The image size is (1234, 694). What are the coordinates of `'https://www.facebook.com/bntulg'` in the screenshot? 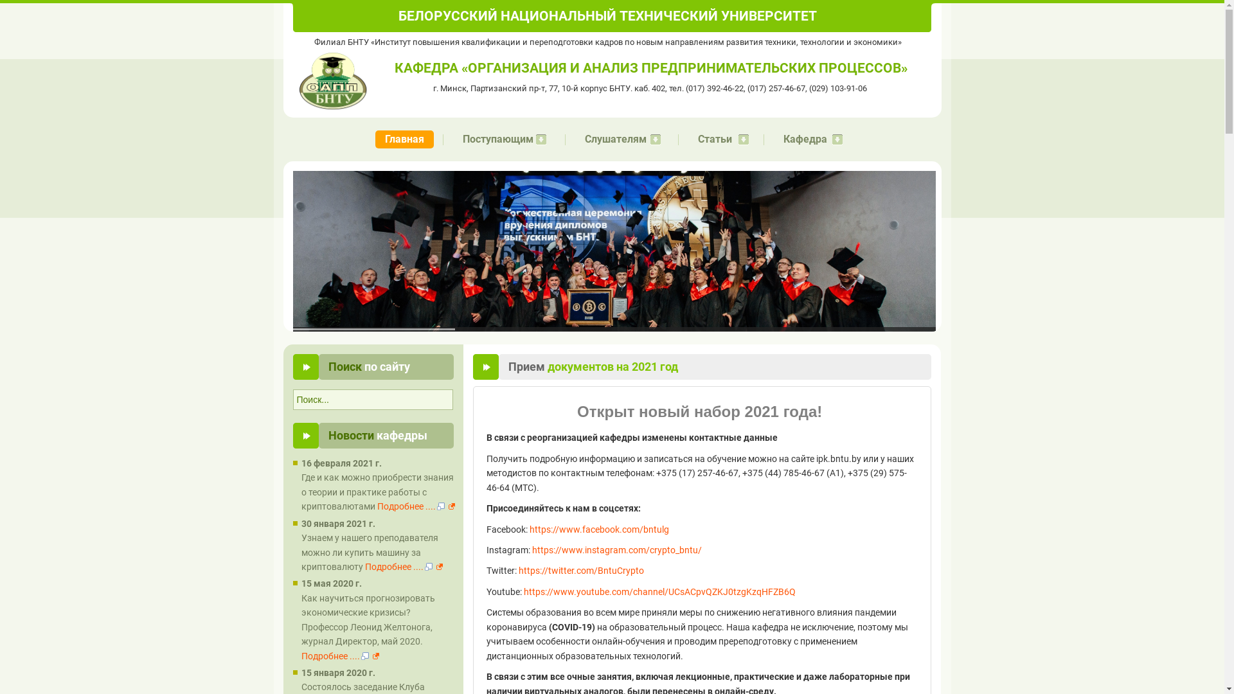 It's located at (530, 529).